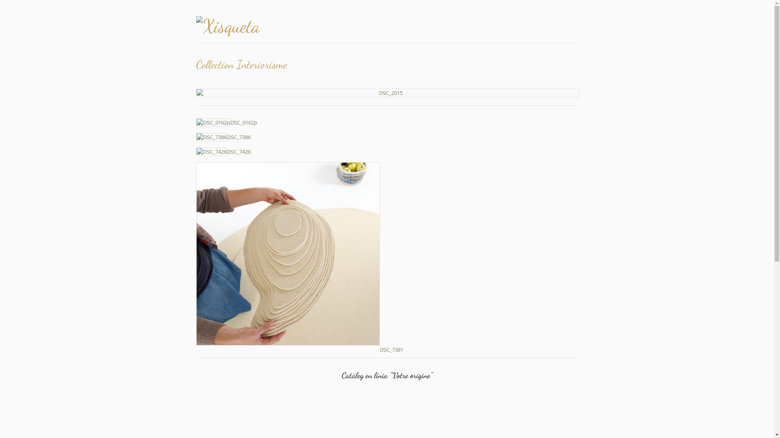 This screenshot has height=438, width=780. I want to click on 'DSC_7381', so click(299, 349).